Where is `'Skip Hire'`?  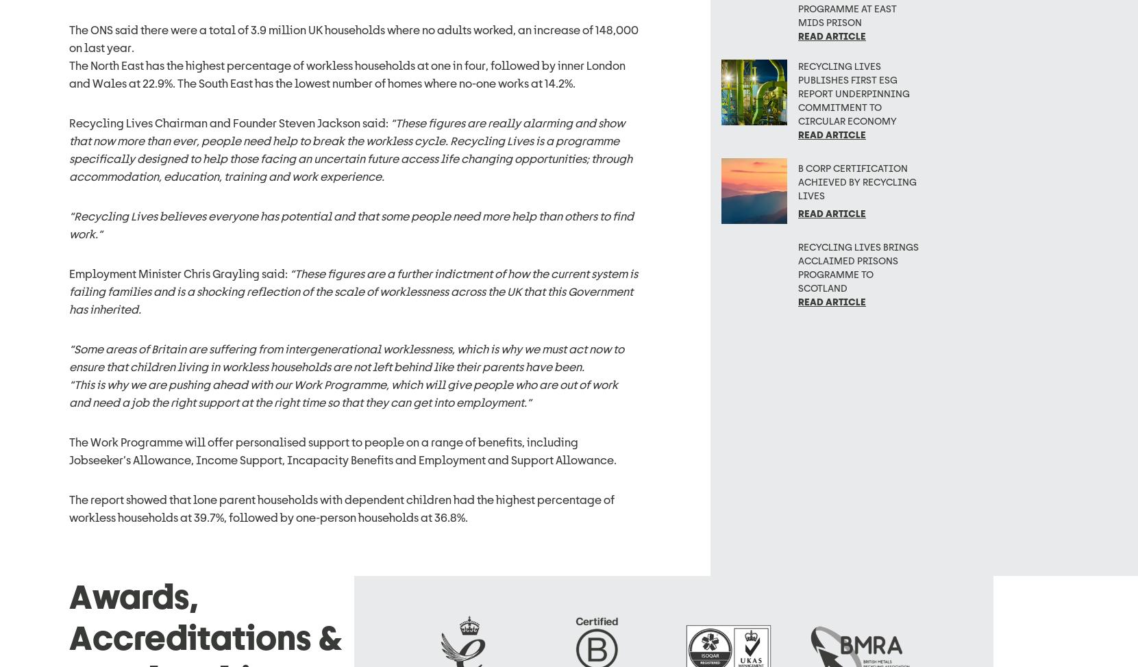
'Skip Hire' is located at coordinates (378, 619).